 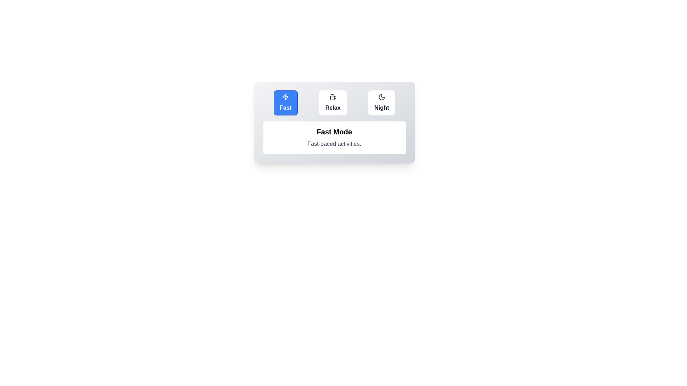 I want to click on the bold text label reading 'Fast' within the leftmost button that has a blue background and white text, so click(x=285, y=108).